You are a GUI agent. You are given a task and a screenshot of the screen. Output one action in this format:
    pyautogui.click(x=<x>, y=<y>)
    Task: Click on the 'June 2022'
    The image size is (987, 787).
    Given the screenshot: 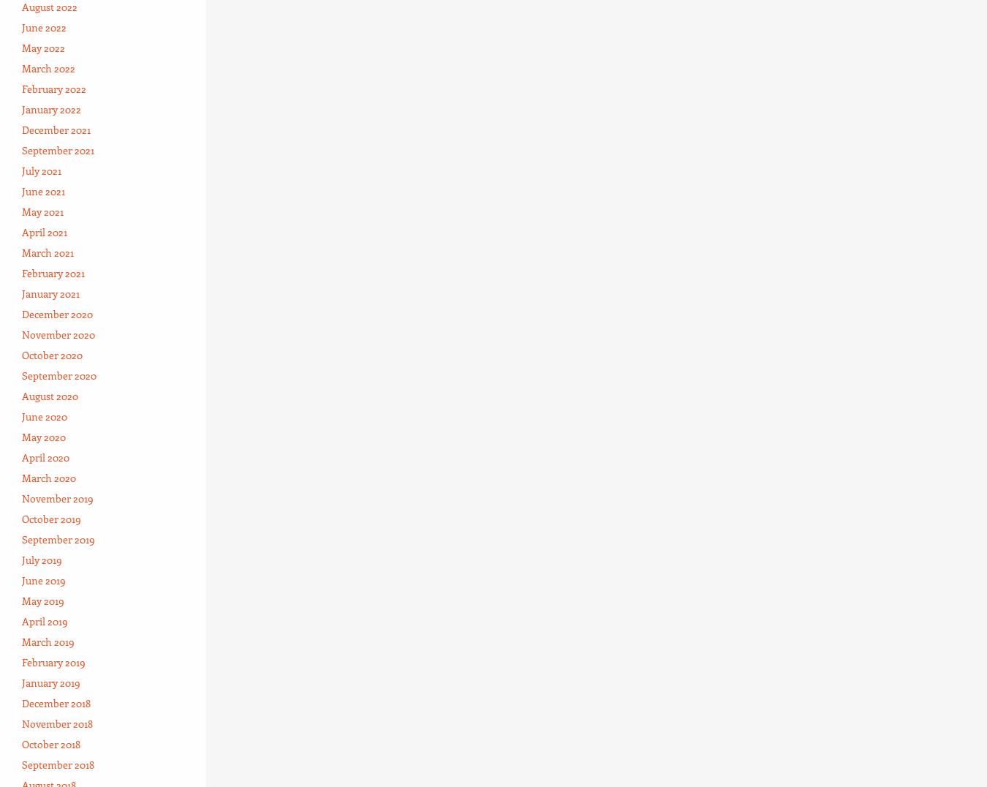 What is the action you would take?
    pyautogui.click(x=43, y=26)
    